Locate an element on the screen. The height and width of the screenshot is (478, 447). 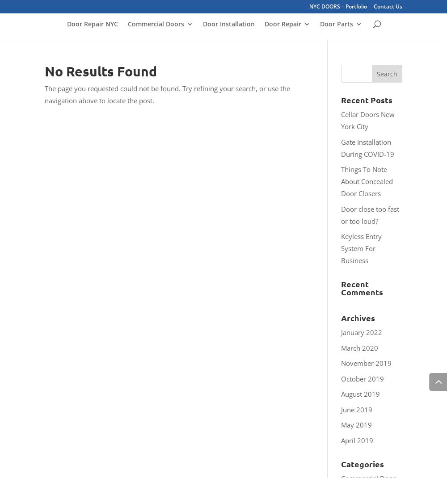
'Choosing the Best Door Closer' is located at coordinates (365, 136).